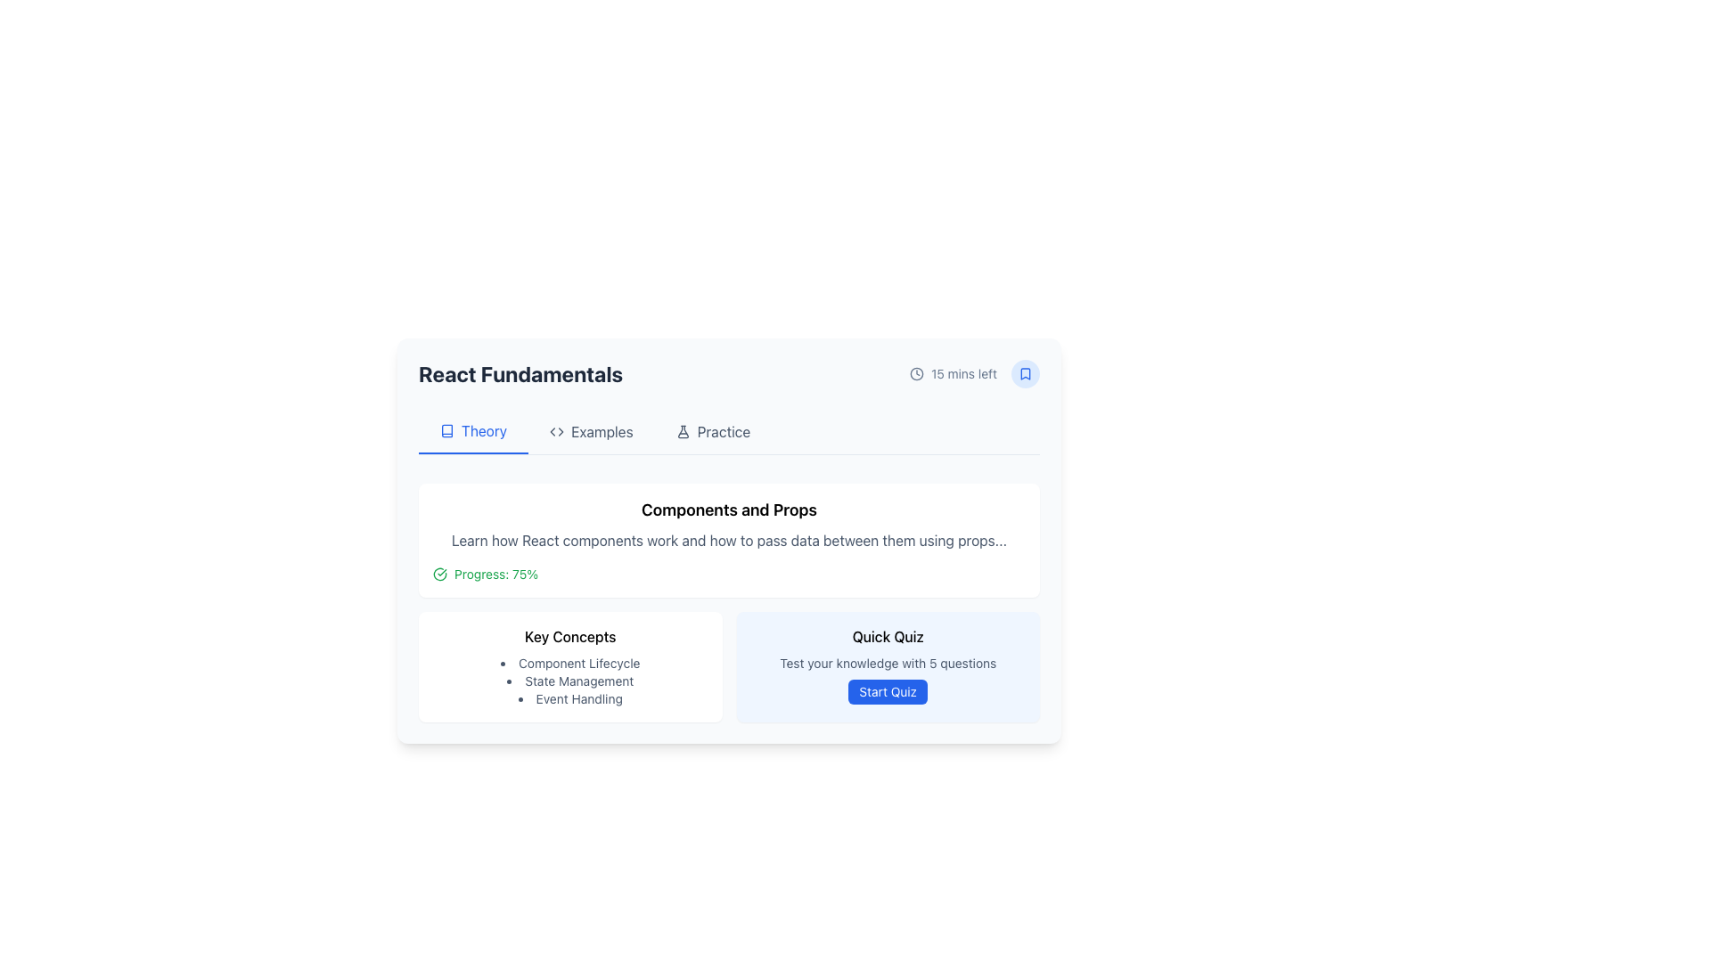  Describe the element at coordinates (729, 510) in the screenshot. I see `text of the label that reads 'Components and Props', prominently displayed at the top of a rectangular card-like section with rounded corners` at that location.